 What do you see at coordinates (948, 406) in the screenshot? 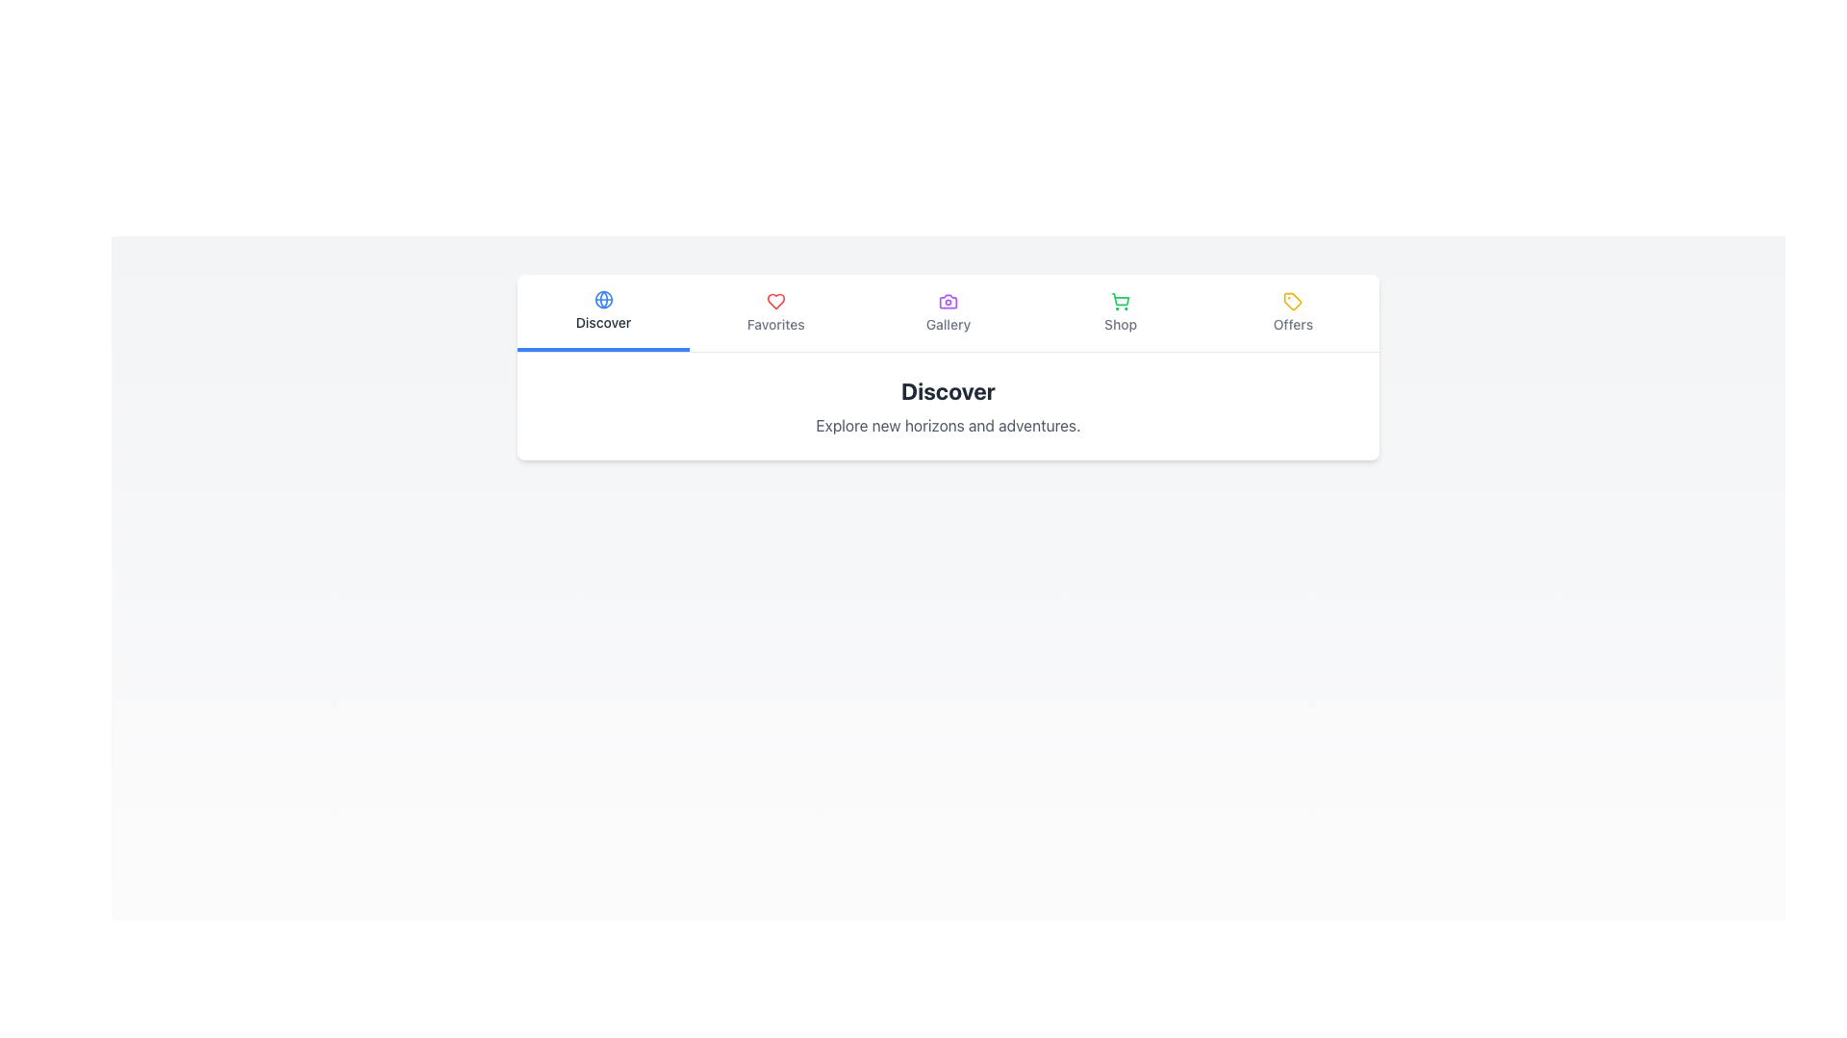
I see `the Header element that contains the bold 'Discover' text and the subtitle 'Explore new horizons and adventures.'` at bounding box center [948, 406].